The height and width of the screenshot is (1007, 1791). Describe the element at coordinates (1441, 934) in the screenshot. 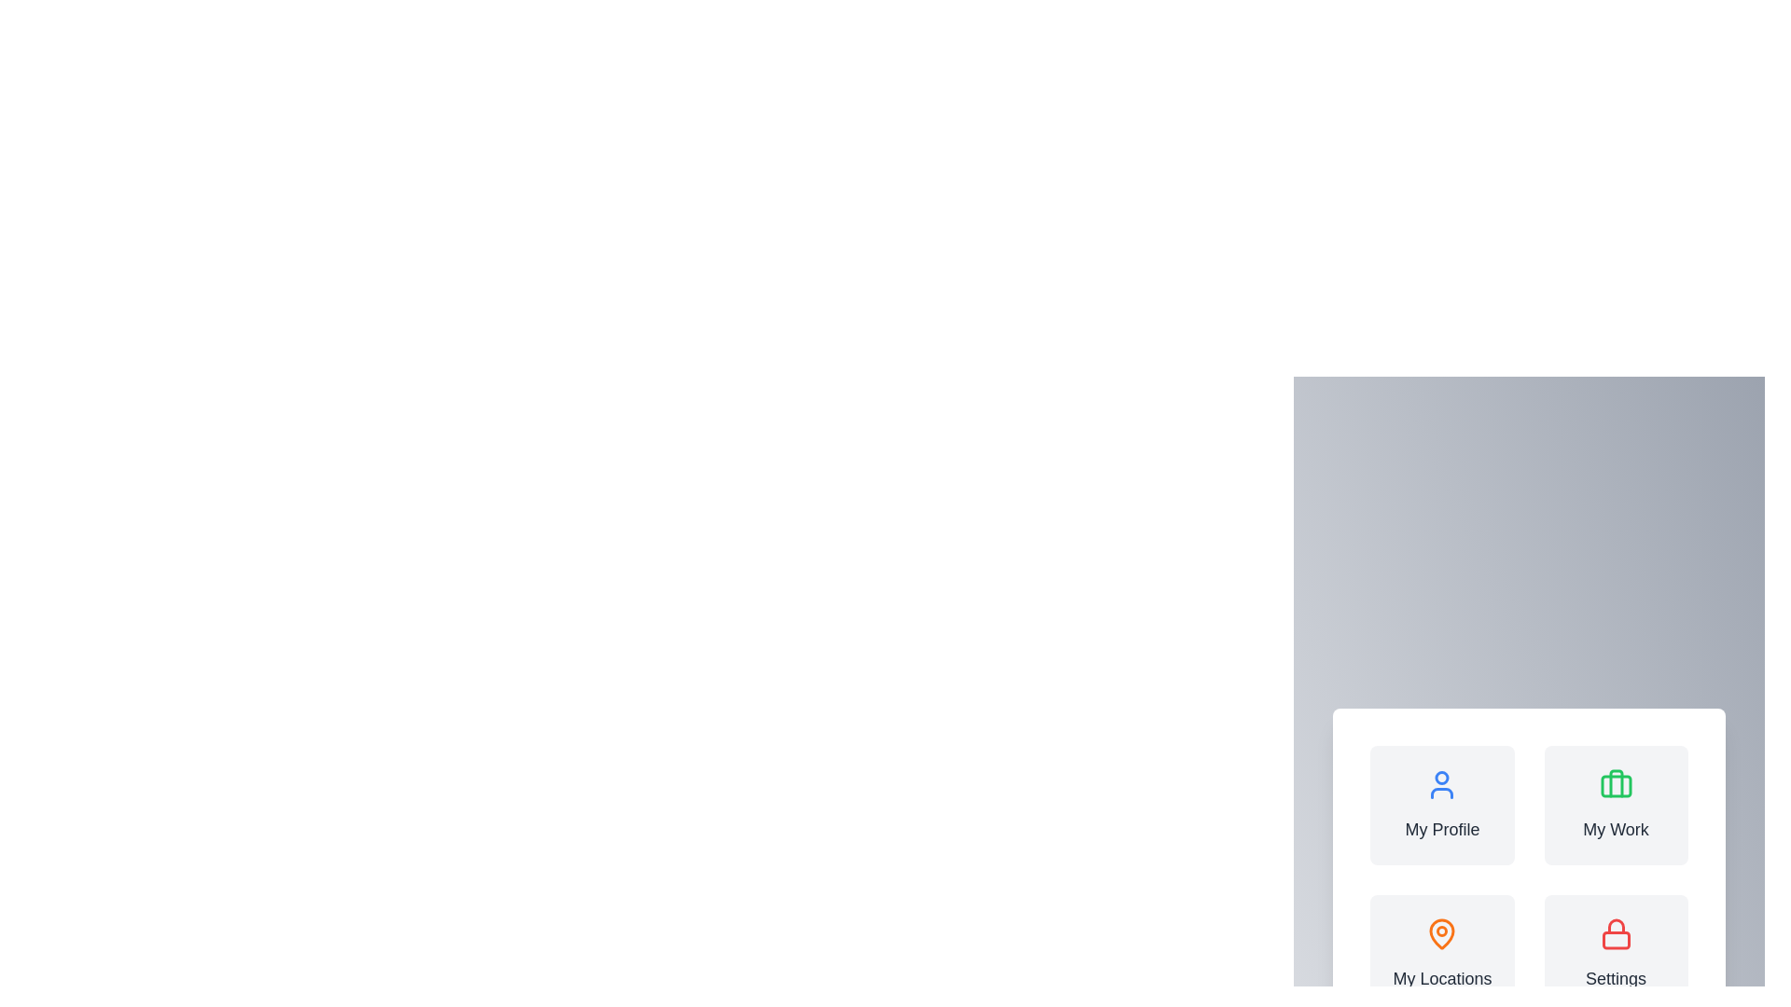

I see `the location-related icon in the 'My Locations' section, positioned in the lower left quadrant of the grid, above its text label` at that location.